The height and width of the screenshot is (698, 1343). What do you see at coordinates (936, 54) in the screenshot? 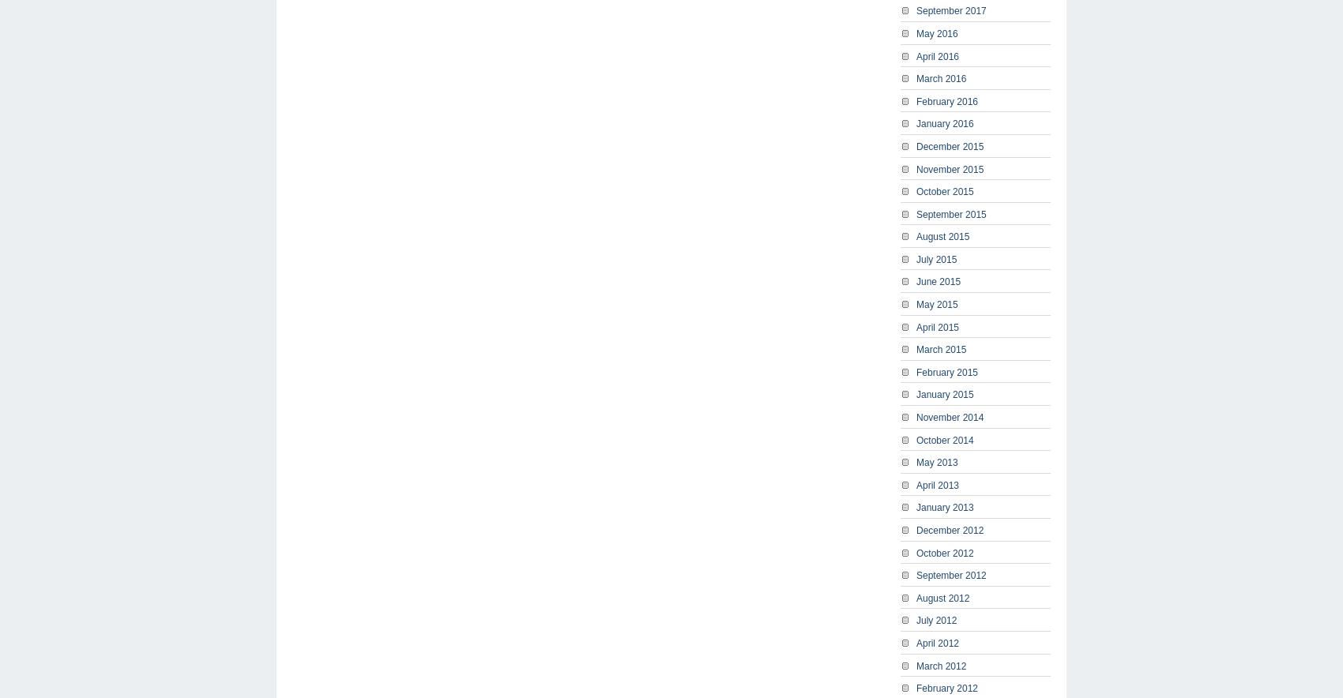
I see `'April 2016'` at bounding box center [936, 54].